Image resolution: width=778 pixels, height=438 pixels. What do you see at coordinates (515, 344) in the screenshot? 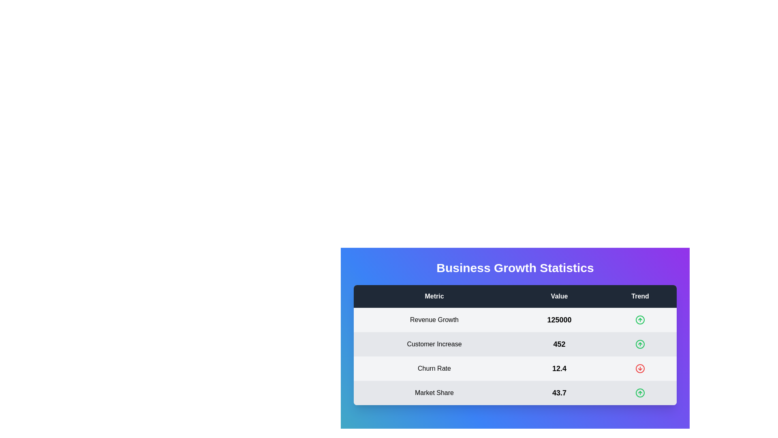
I see `the row corresponding to Customer Increase` at bounding box center [515, 344].